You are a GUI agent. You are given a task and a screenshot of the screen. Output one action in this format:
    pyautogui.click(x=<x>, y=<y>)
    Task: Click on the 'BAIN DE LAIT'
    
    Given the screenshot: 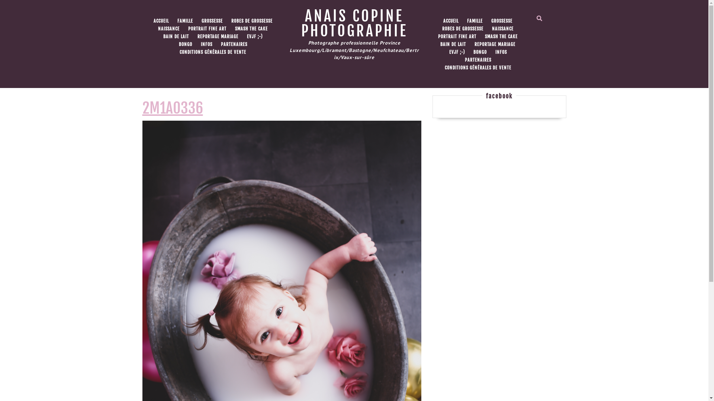 What is the action you would take?
    pyautogui.click(x=176, y=37)
    